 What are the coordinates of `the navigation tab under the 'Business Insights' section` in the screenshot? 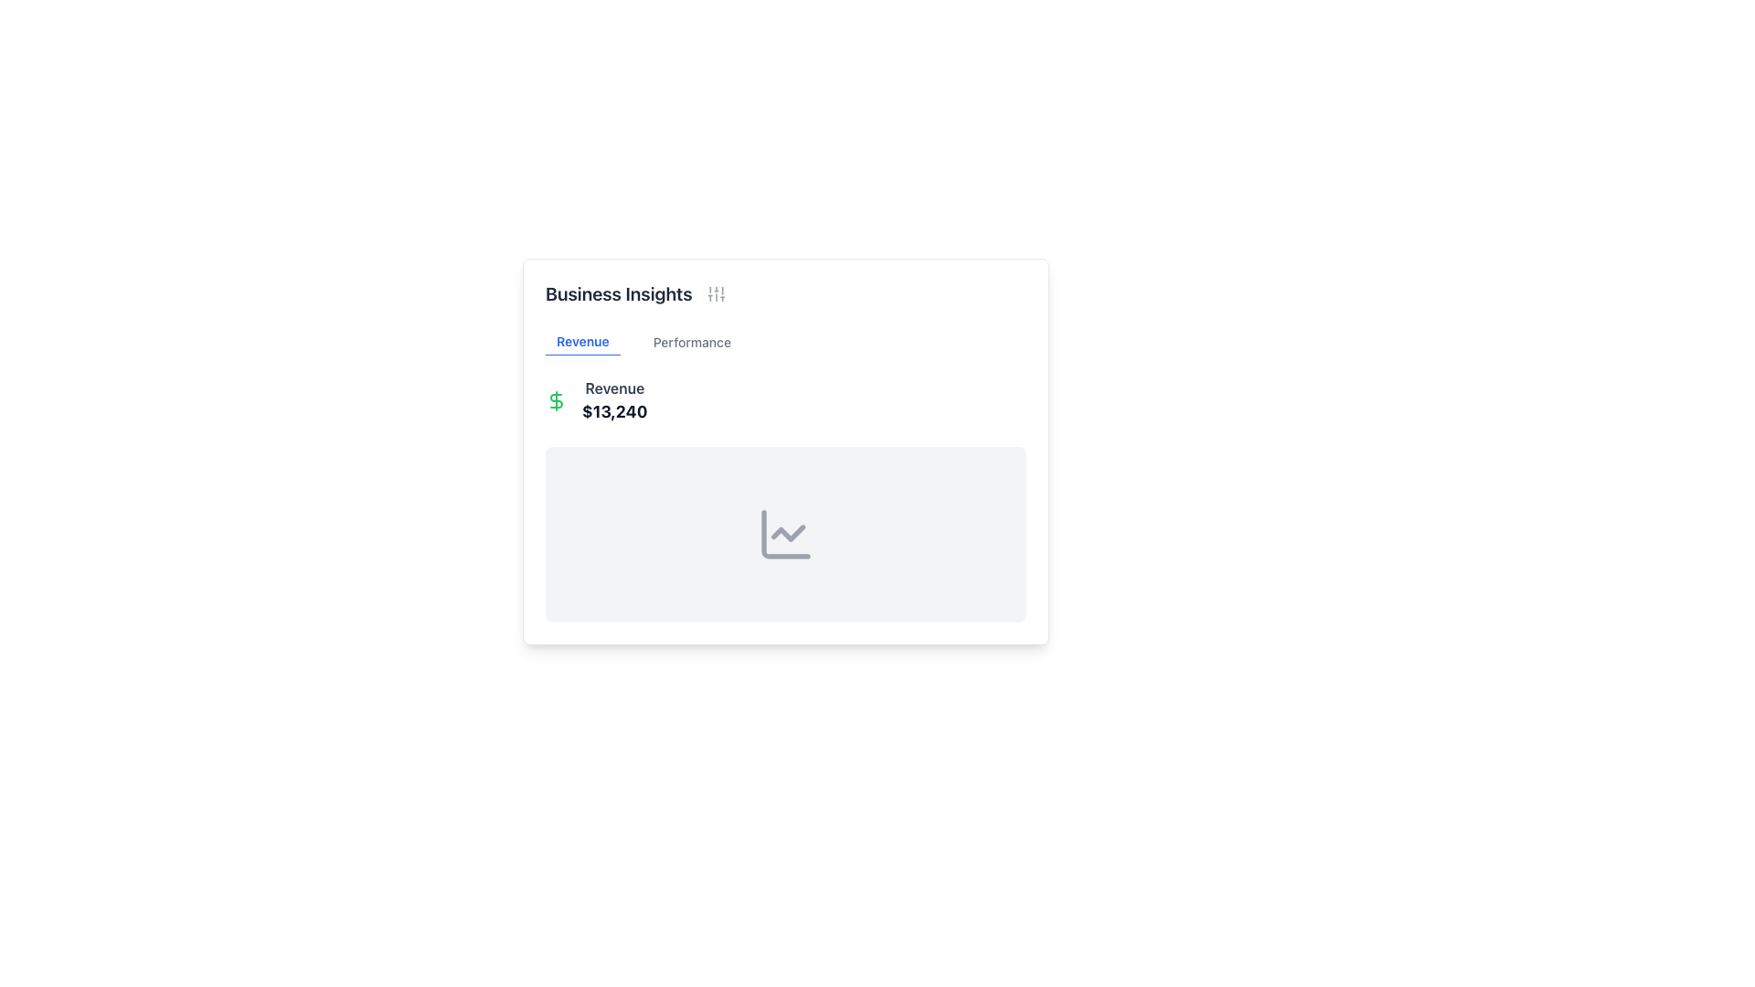 It's located at (581, 342).